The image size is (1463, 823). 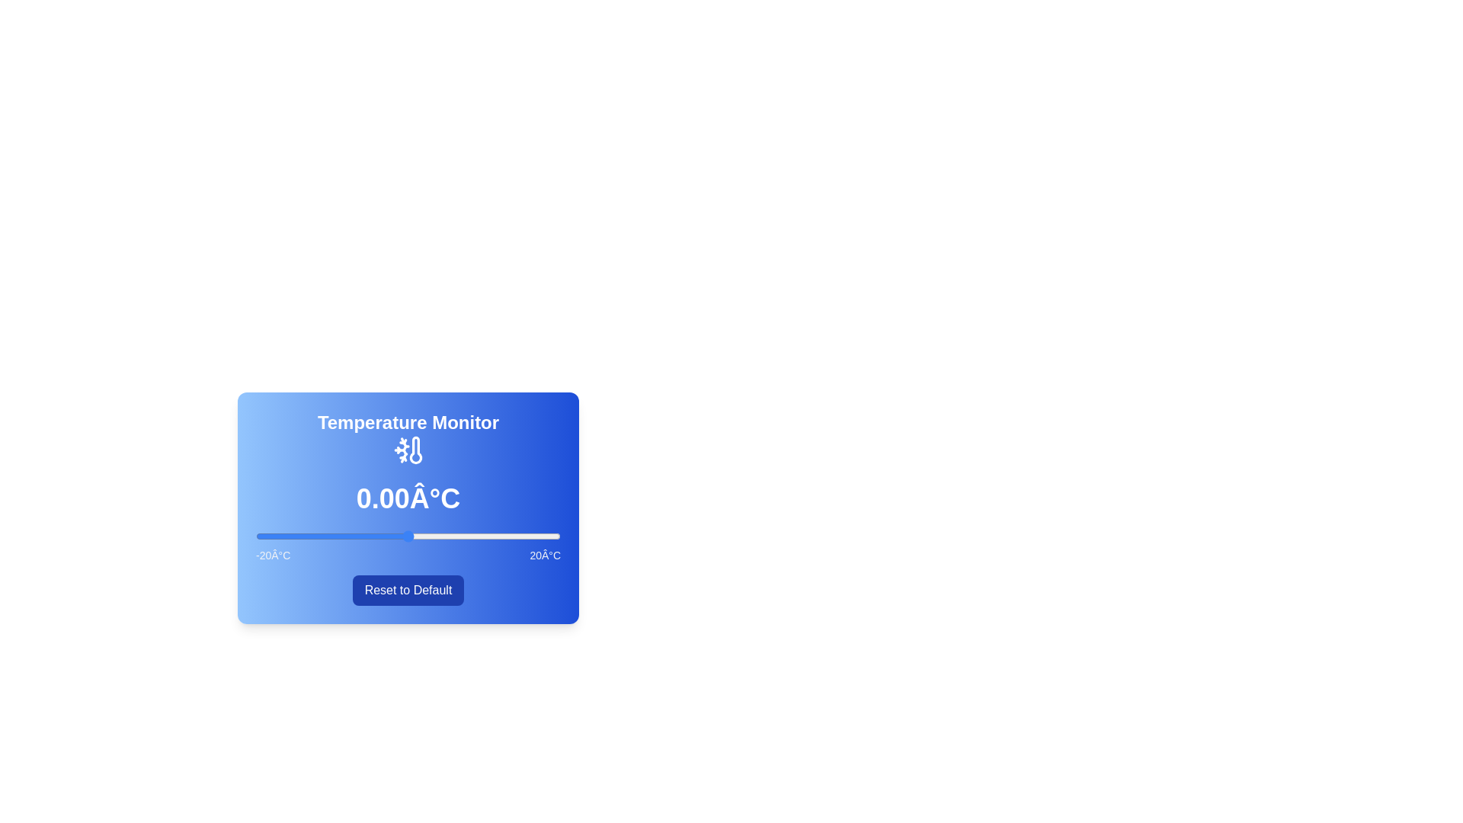 I want to click on the temperature slider to 6 degrees Celsius, so click(x=453, y=536).